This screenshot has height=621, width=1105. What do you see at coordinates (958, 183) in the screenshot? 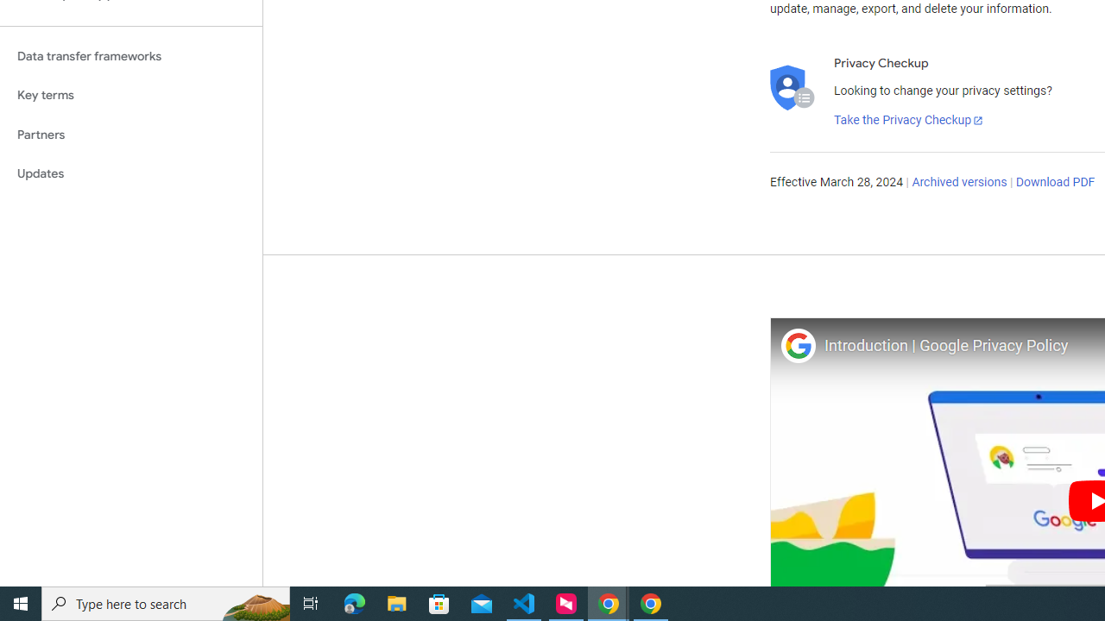
I see `'Archived versions'` at bounding box center [958, 183].